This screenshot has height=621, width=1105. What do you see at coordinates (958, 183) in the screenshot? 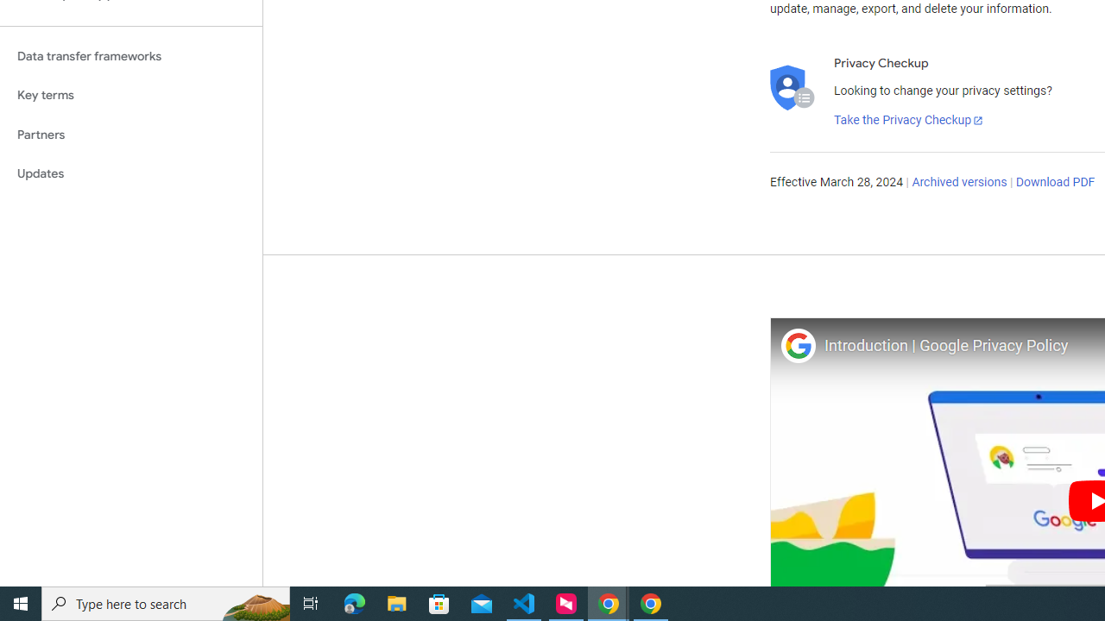
I see `'Archived versions'` at bounding box center [958, 183].